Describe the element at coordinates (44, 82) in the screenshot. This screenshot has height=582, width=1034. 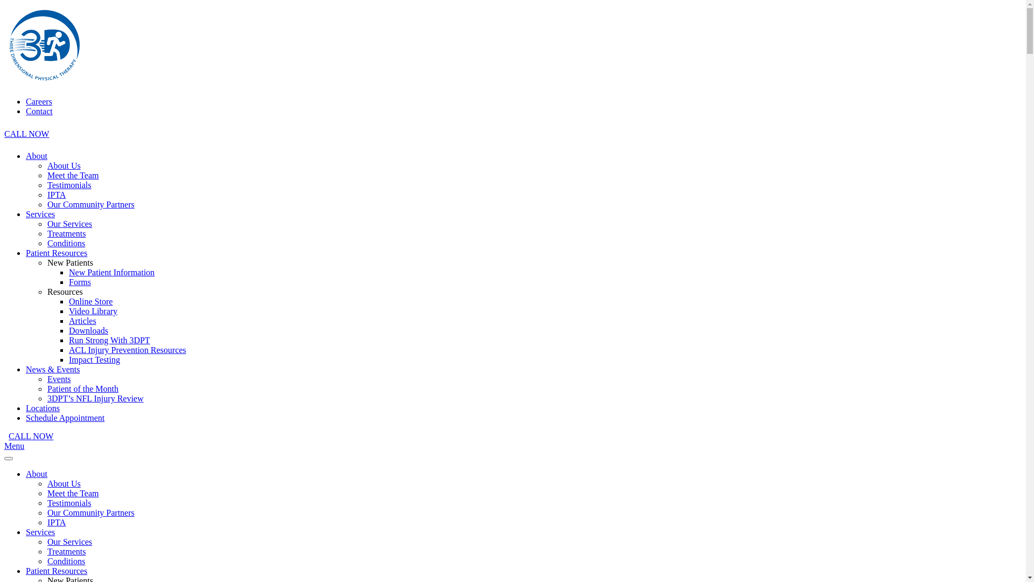
I see `'3 Dimensional Physical Therapy'` at that location.